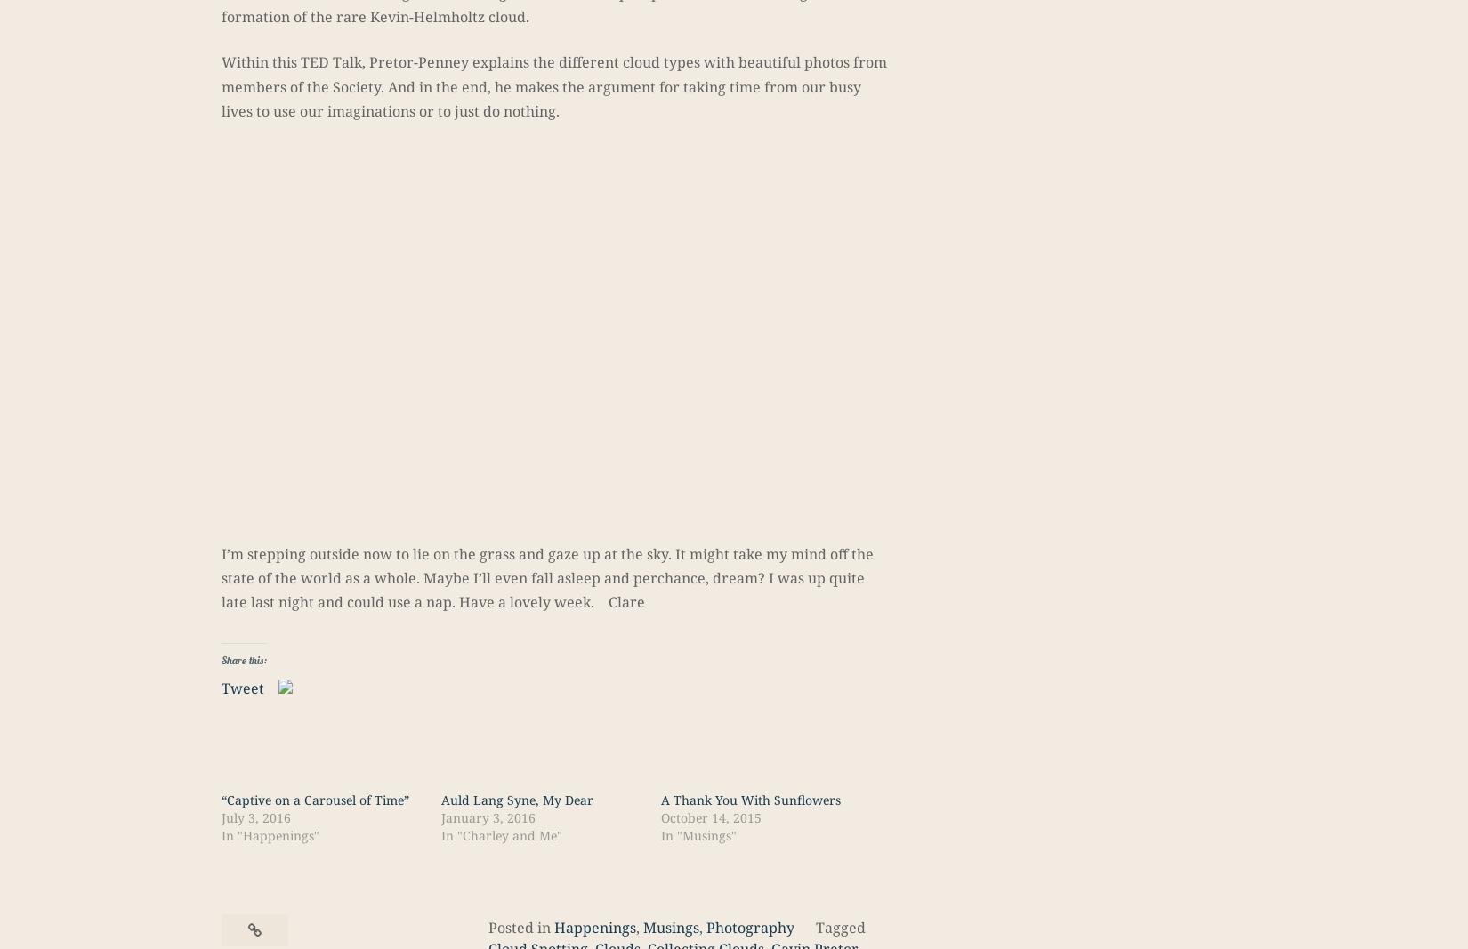 This screenshot has width=1468, height=949. I want to click on 'Photography', so click(749, 927).